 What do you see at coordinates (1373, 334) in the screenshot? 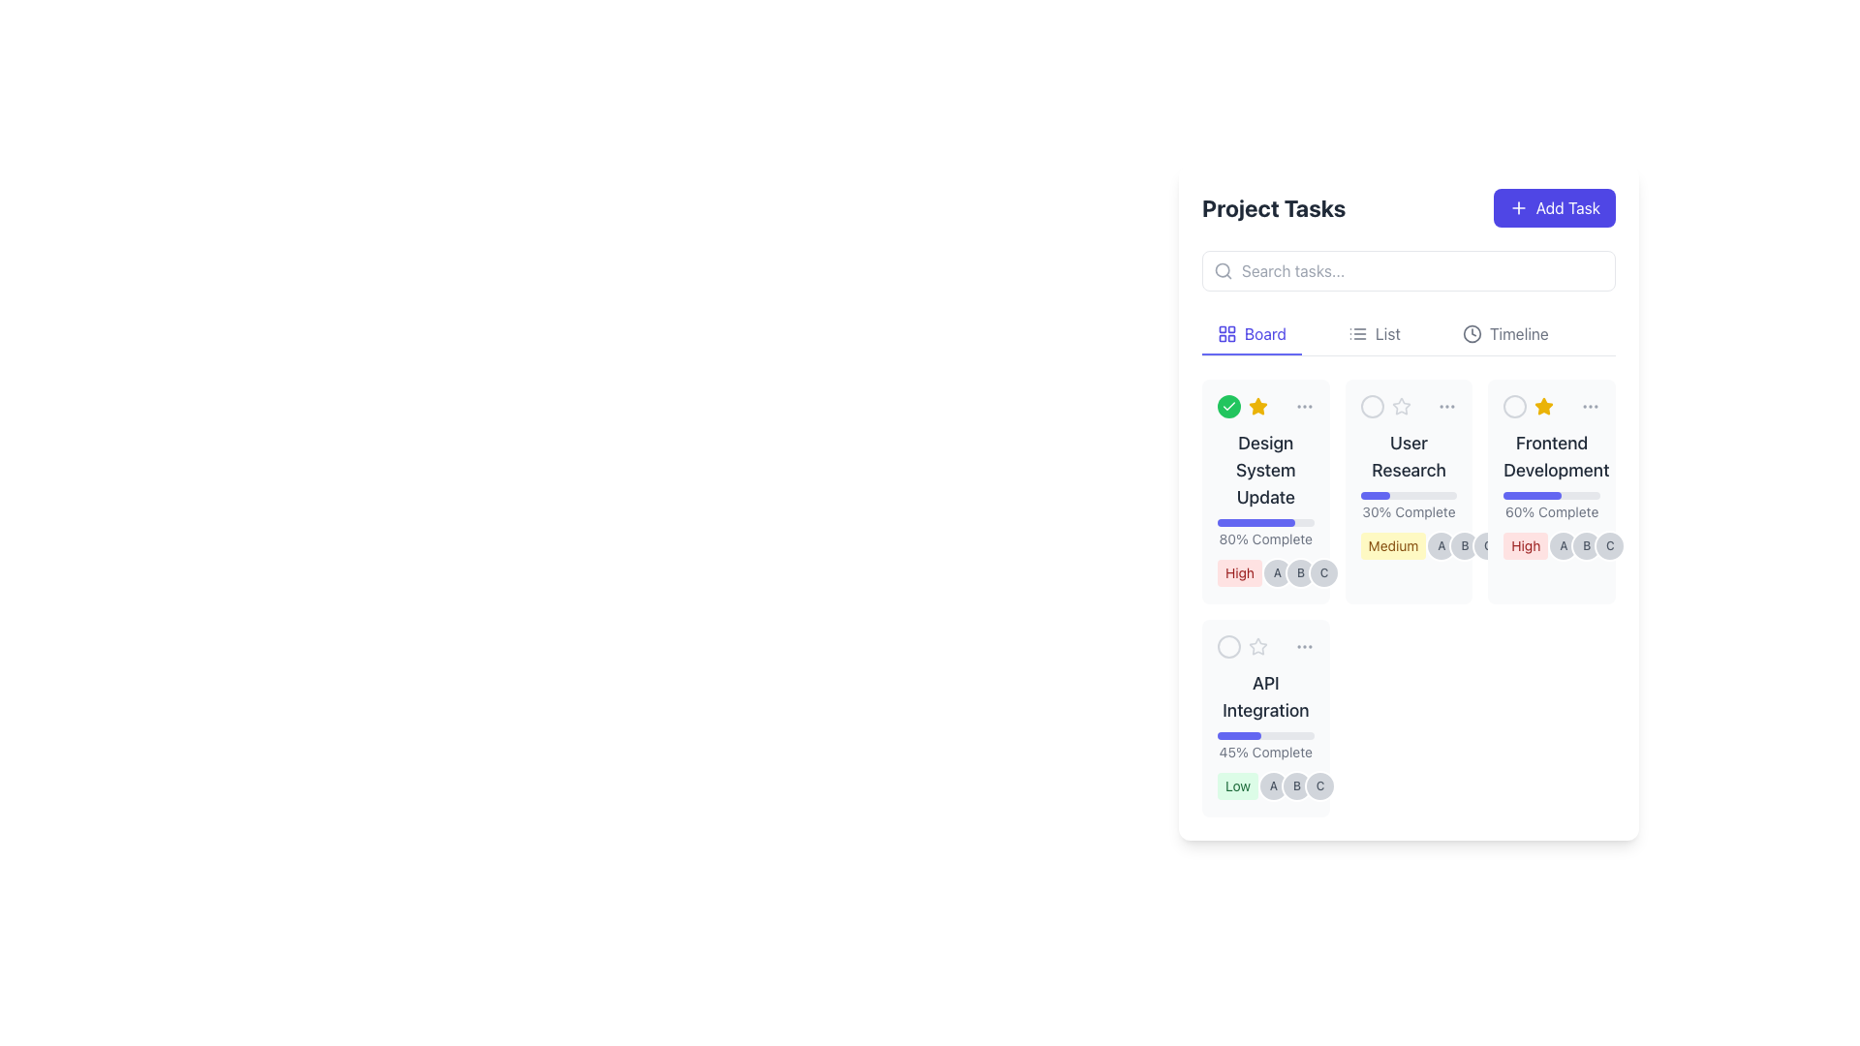
I see `the 'List' menu item in the tab-like navigation bar` at bounding box center [1373, 334].